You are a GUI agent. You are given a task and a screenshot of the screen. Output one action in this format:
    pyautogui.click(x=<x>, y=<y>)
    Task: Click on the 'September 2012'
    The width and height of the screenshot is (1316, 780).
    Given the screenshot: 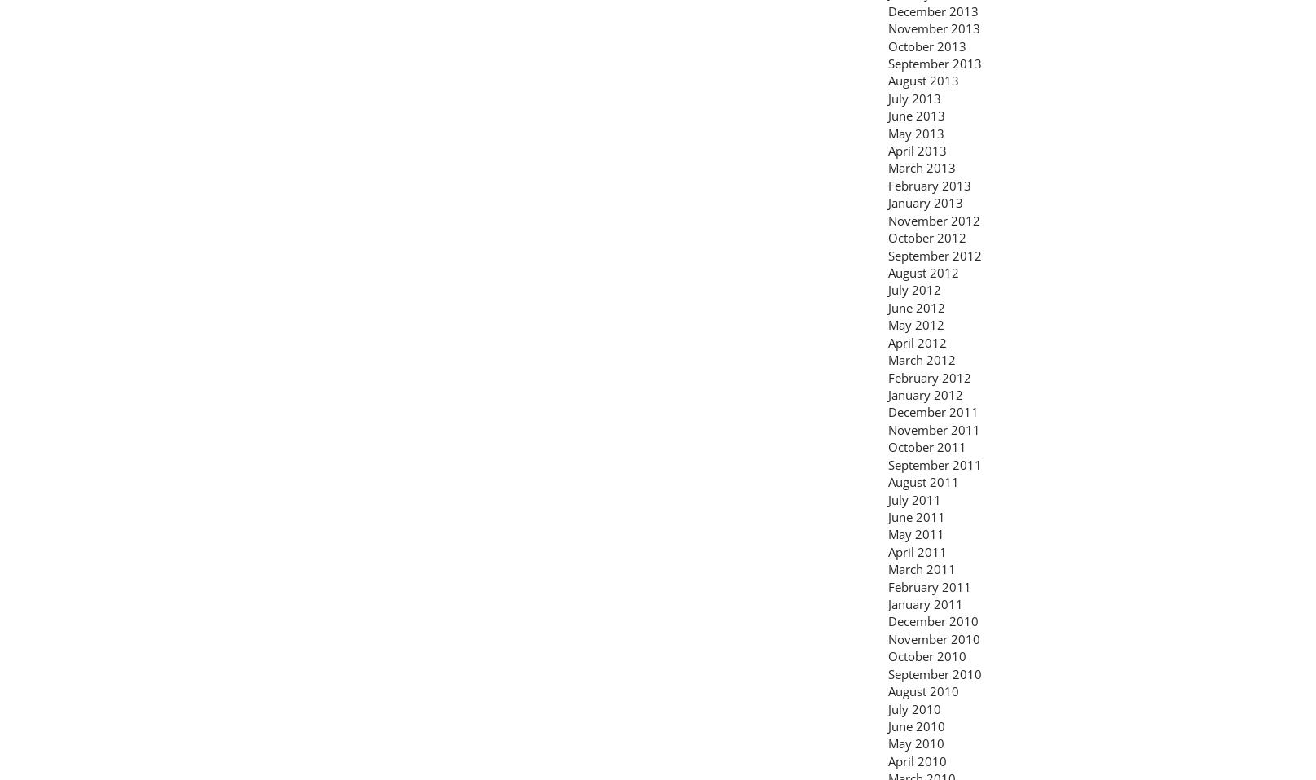 What is the action you would take?
    pyautogui.click(x=887, y=254)
    